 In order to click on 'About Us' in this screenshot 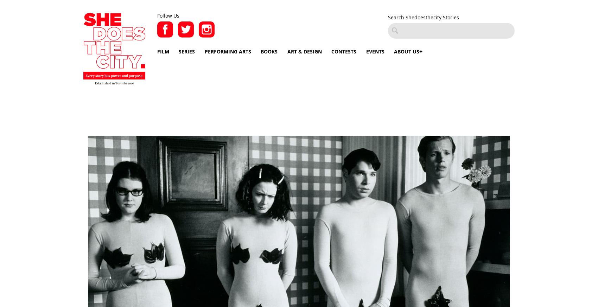, I will do `click(407, 51)`.